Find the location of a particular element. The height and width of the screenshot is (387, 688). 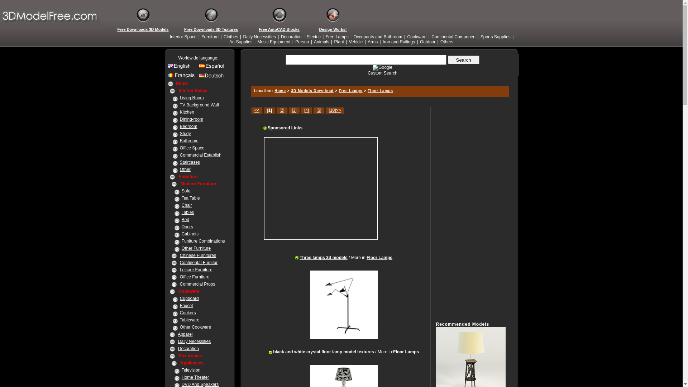

'Germany site' is located at coordinates (198, 77).